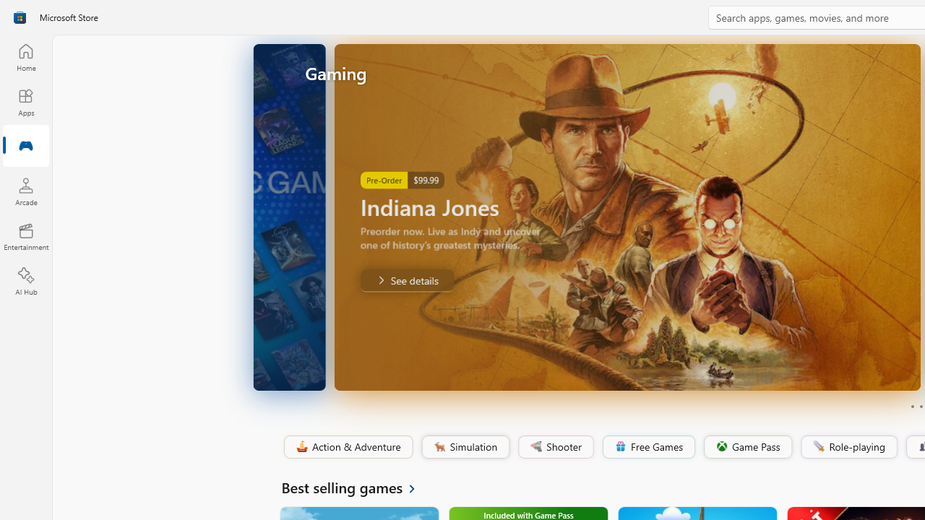 The width and height of the screenshot is (925, 520). I want to click on 'Gaming', so click(25, 147).